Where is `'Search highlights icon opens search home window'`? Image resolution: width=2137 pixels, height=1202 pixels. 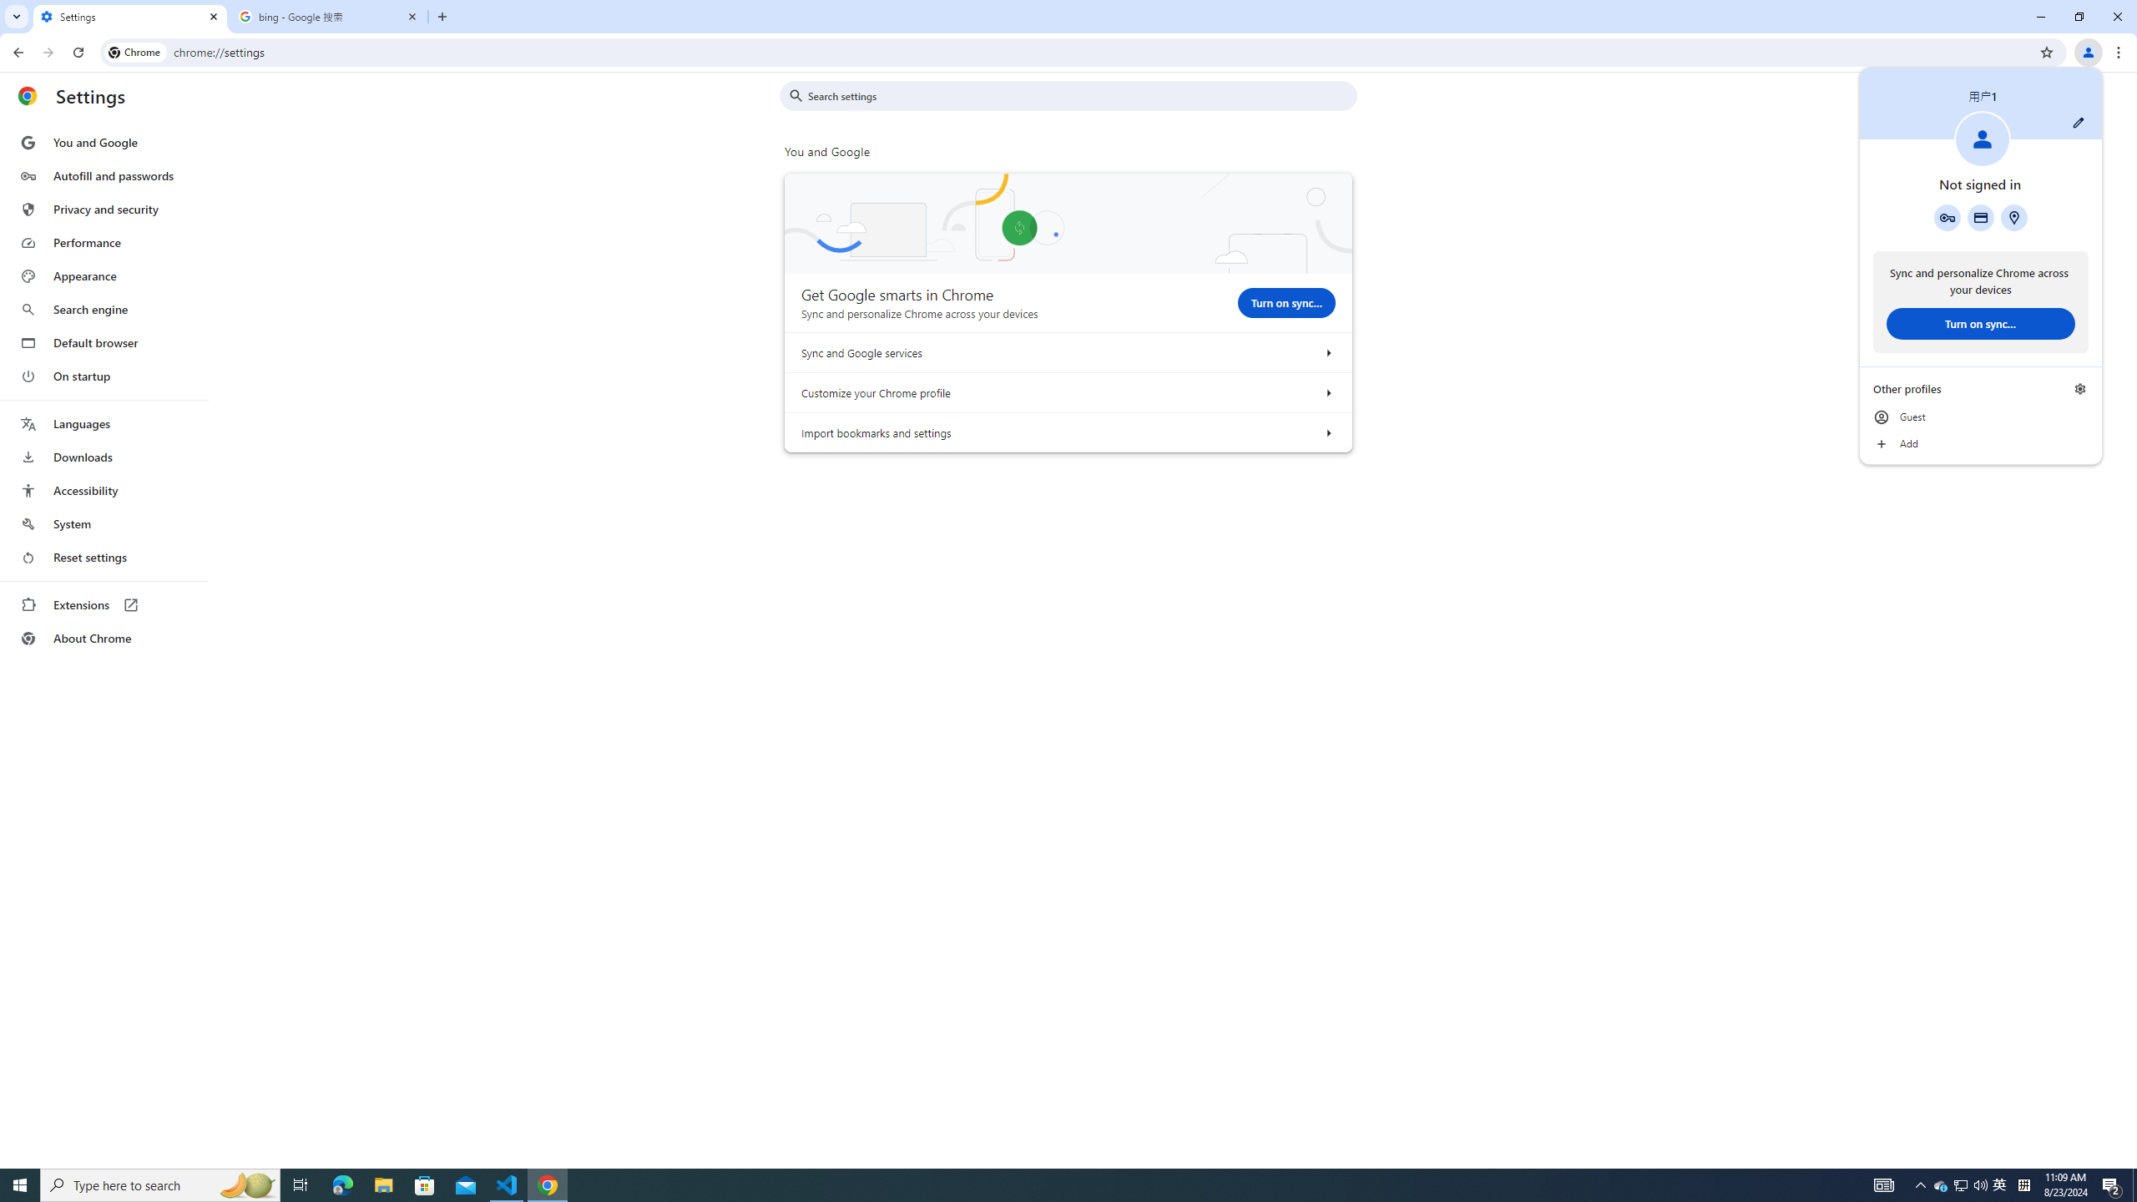
'Search highlights icon opens search home window' is located at coordinates (245, 1184).